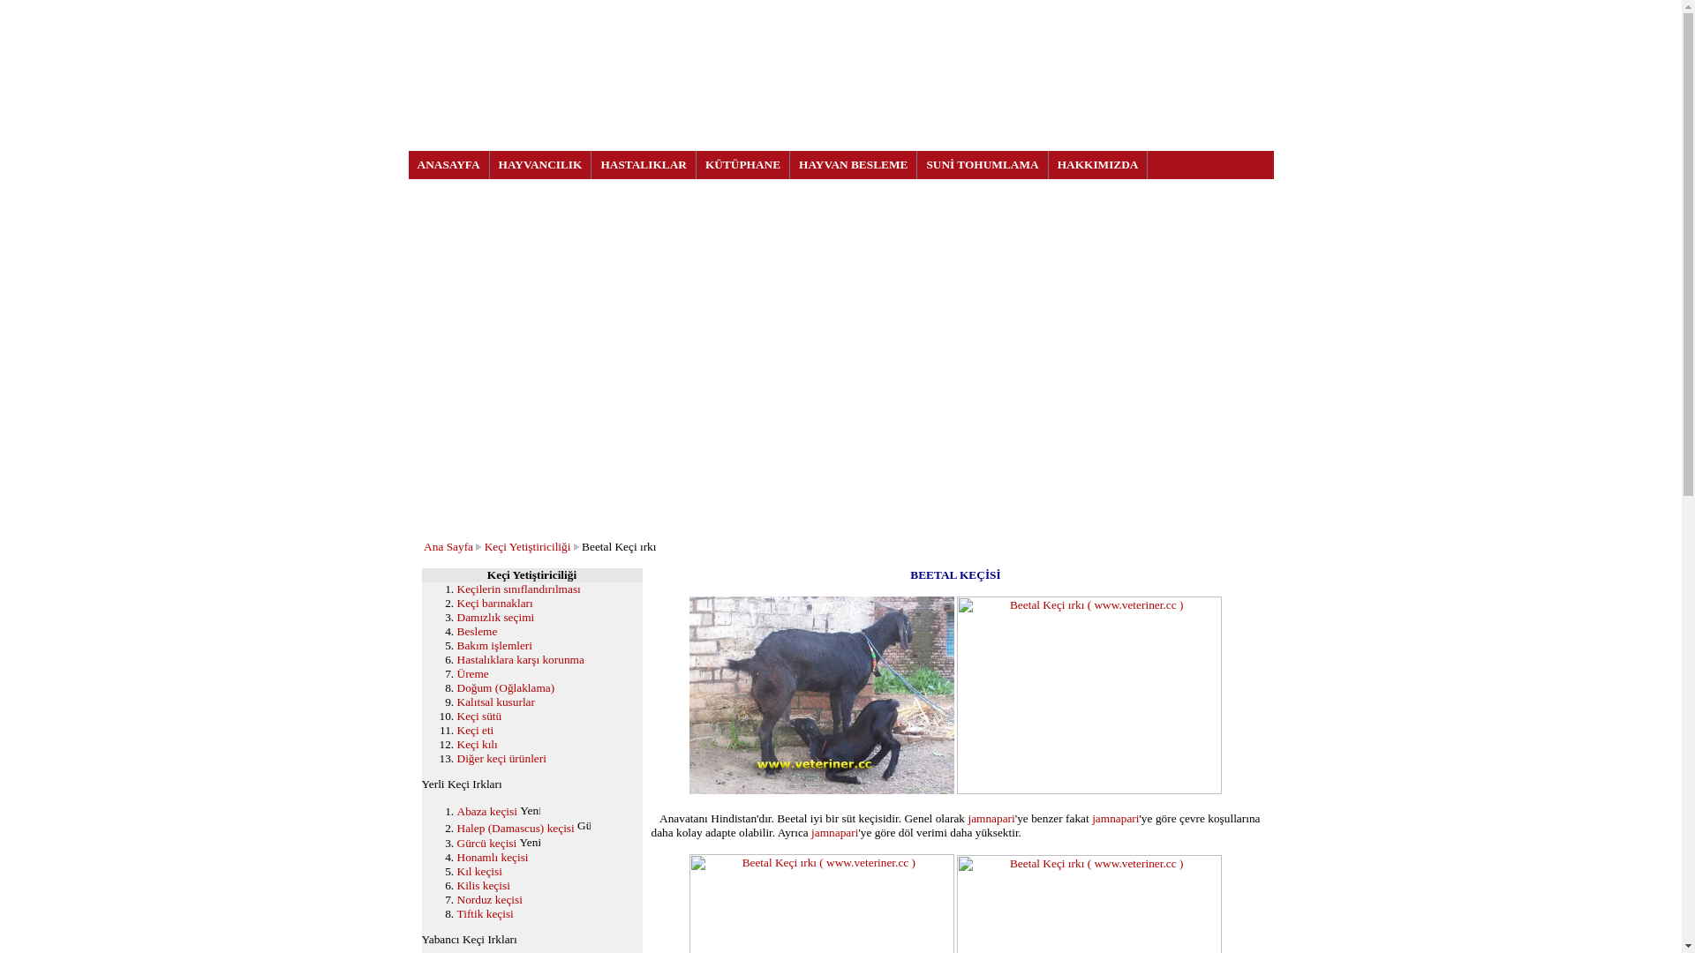 The height and width of the screenshot is (953, 1695). What do you see at coordinates (448, 545) in the screenshot?
I see `'Ana Sayfa'` at bounding box center [448, 545].